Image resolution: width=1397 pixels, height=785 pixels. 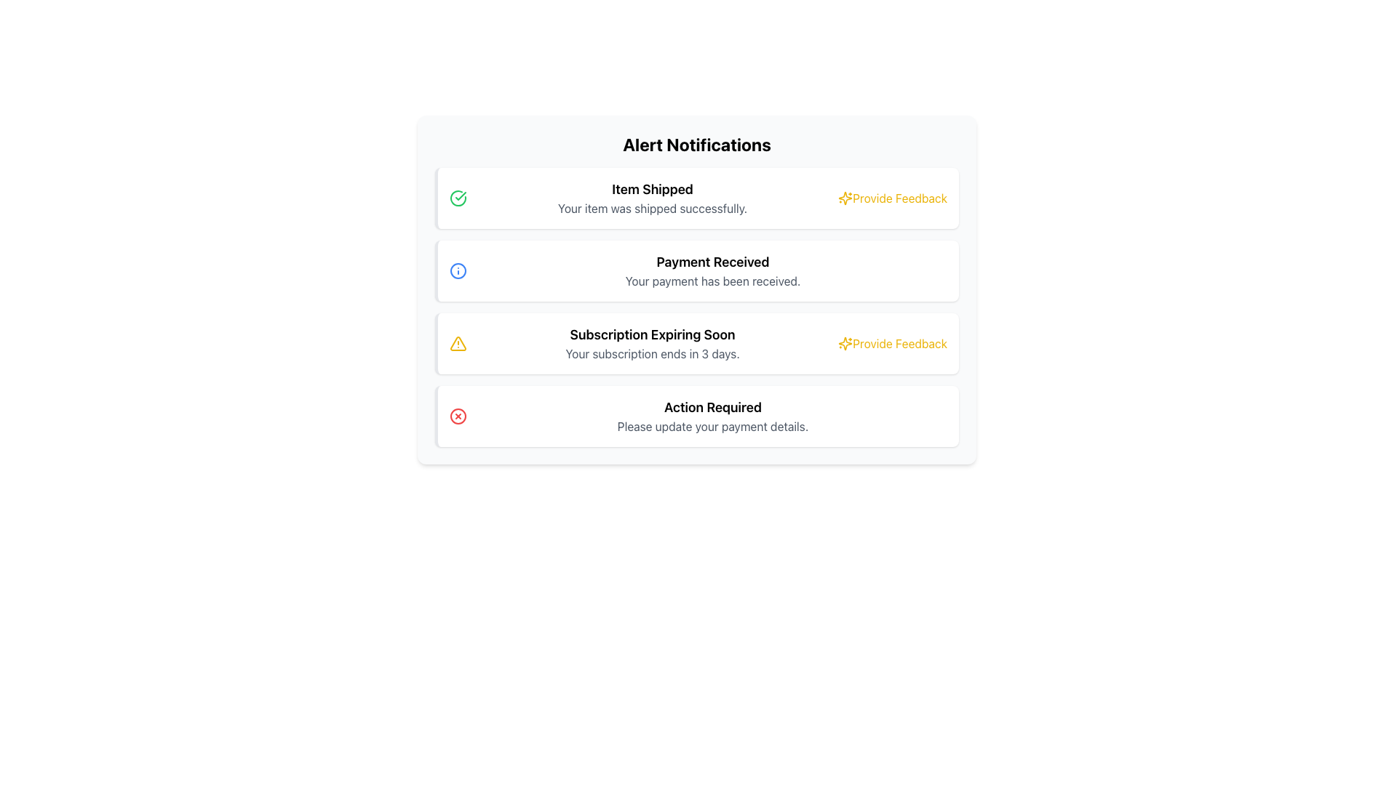 What do you see at coordinates (712, 416) in the screenshot?
I see `text message block at the bottommost notification panel, which contains 'Action Required' and 'Please update your payment details.'` at bounding box center [712, 416].